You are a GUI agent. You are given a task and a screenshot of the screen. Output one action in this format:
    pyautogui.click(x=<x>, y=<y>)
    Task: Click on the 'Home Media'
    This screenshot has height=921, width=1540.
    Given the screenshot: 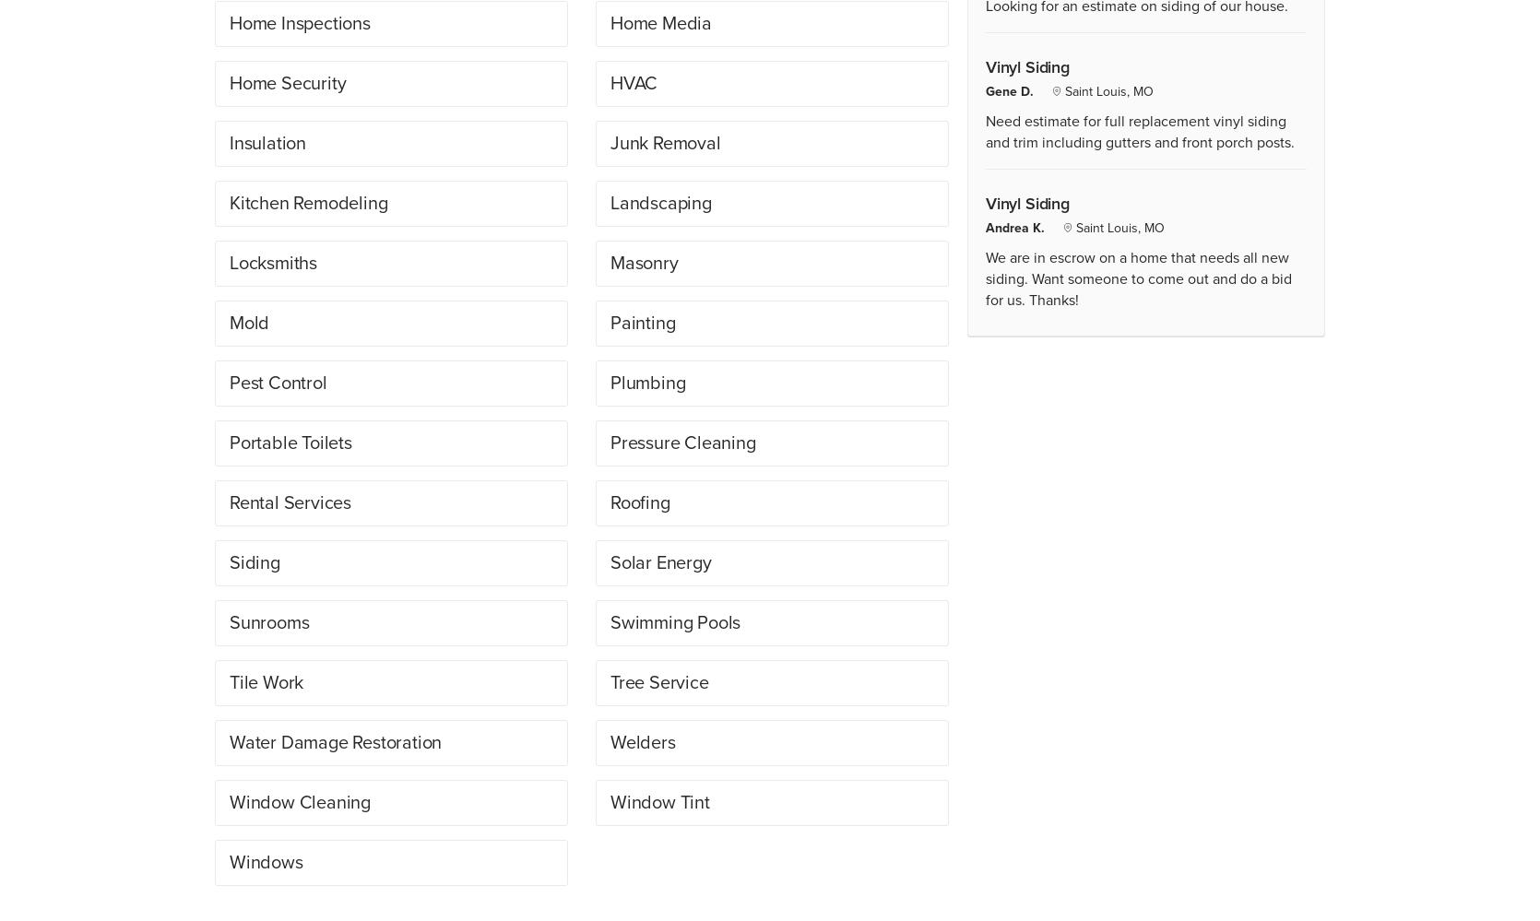 What is the action you would take?
    pyautogui.click(x=660, y=22)
    